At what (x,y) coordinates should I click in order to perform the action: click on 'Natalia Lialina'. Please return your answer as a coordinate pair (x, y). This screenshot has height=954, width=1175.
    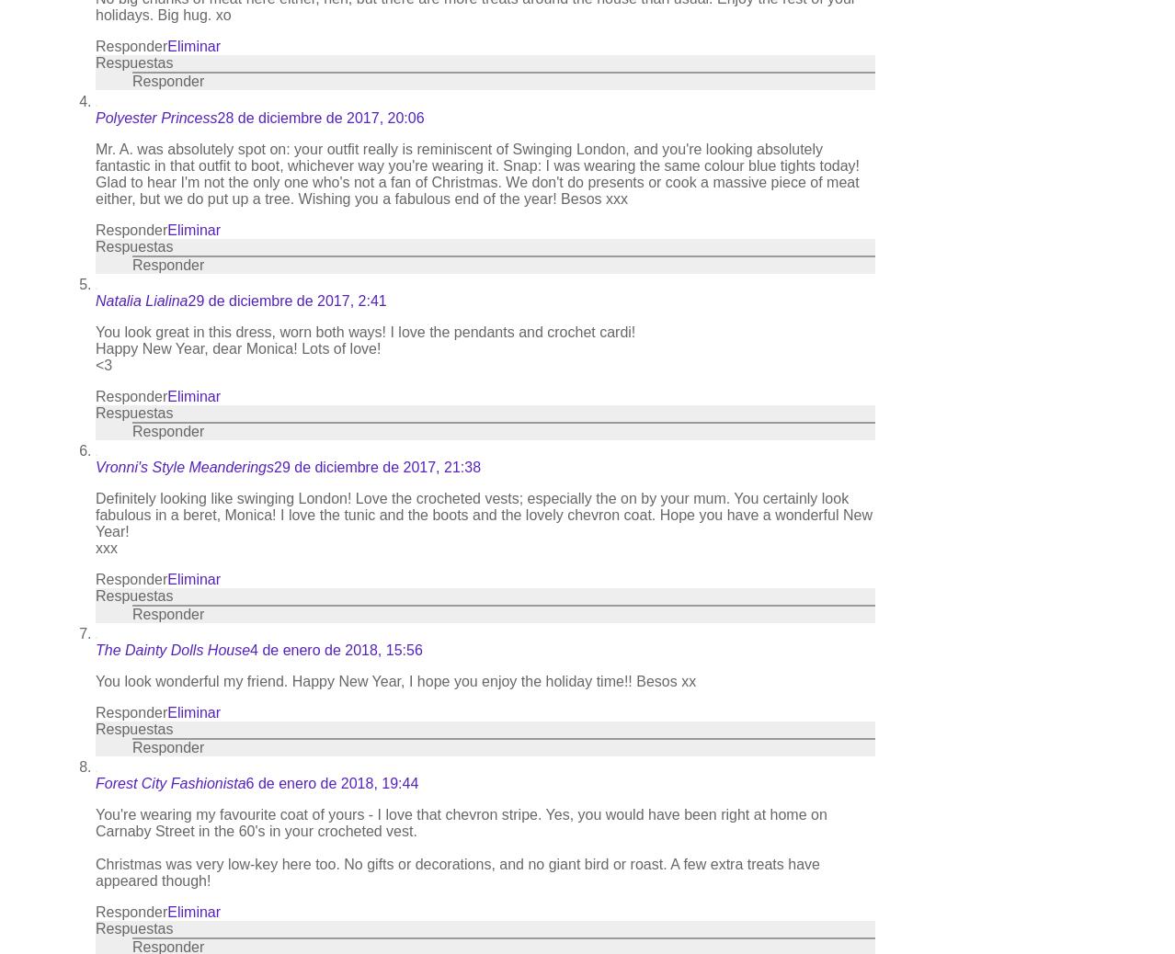
    Looking at the image, I should click on (141, 300).